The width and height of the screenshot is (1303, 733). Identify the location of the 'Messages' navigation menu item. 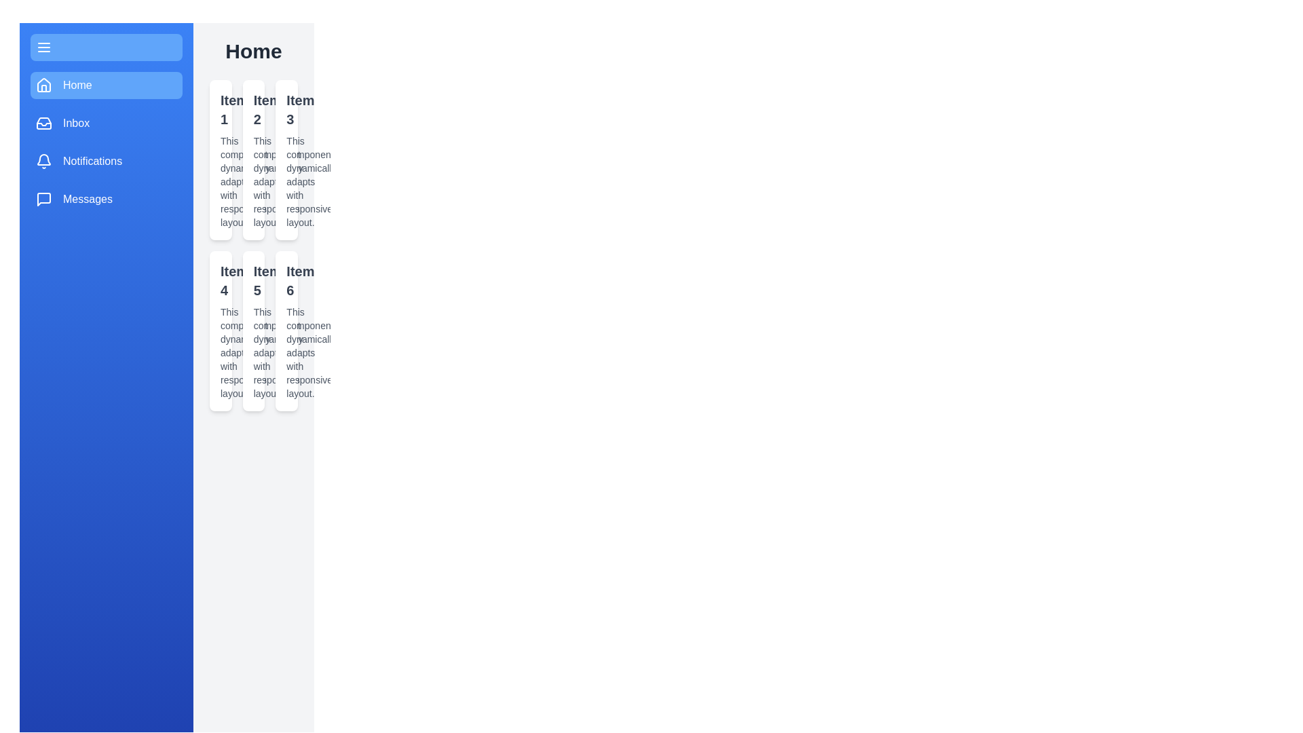
(106, 199).